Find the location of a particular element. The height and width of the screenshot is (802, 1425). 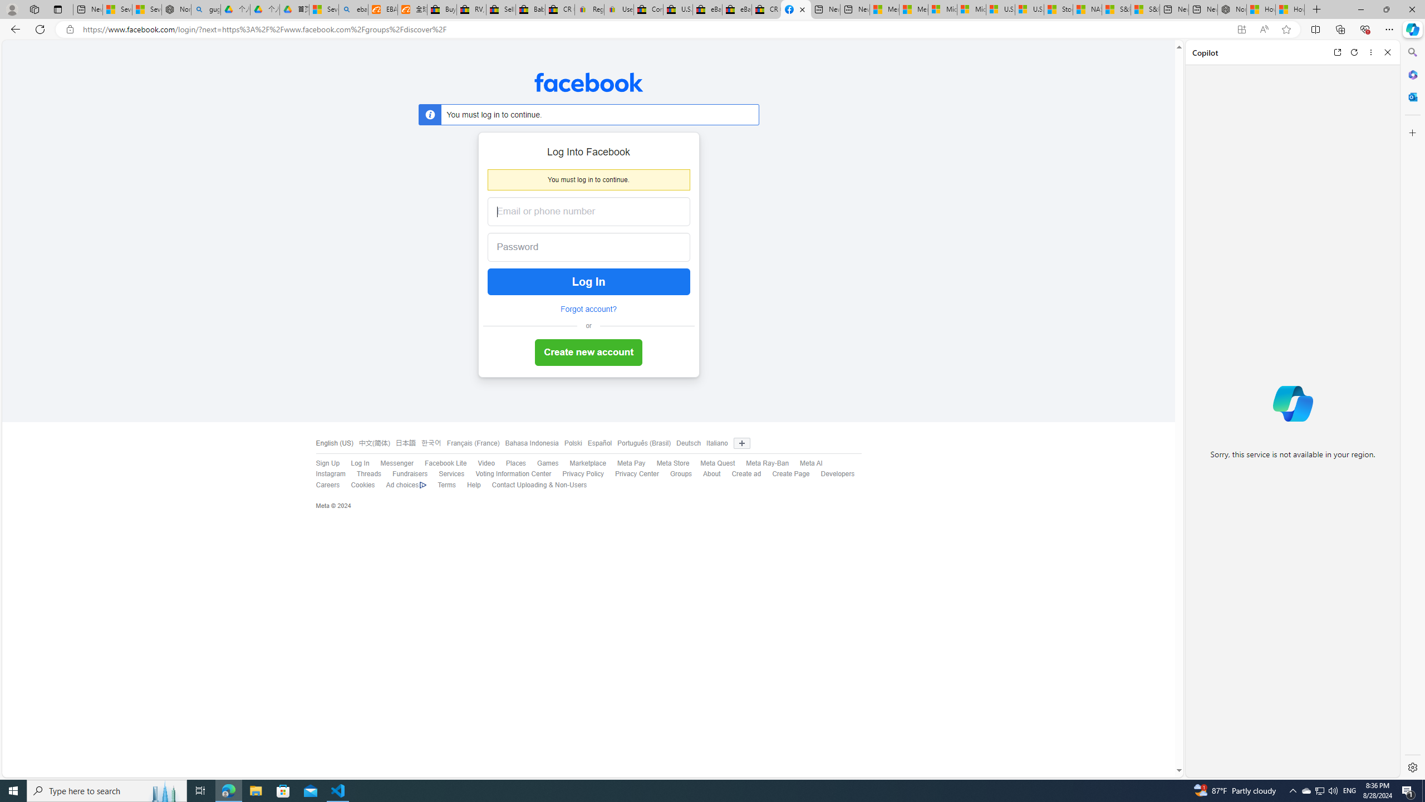

'Careers' is located at coordinates (327, 484).